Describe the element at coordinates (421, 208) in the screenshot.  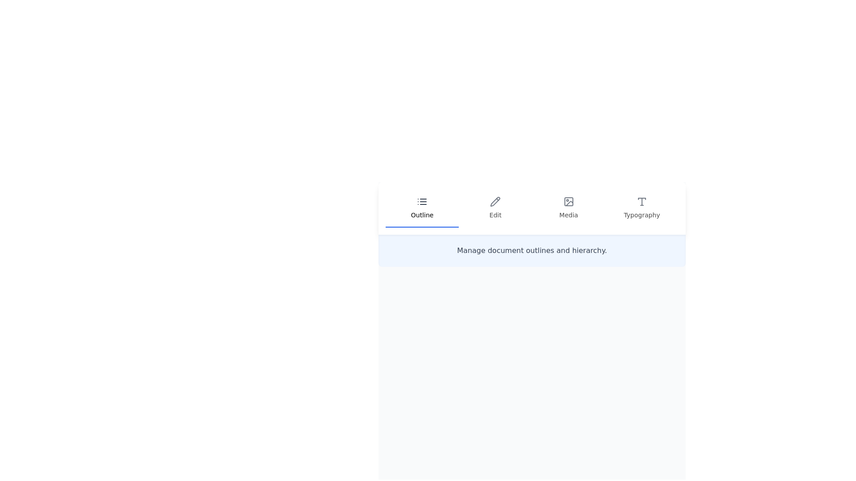
I see `the 'Outline' tab to view document structure management options` at that location.